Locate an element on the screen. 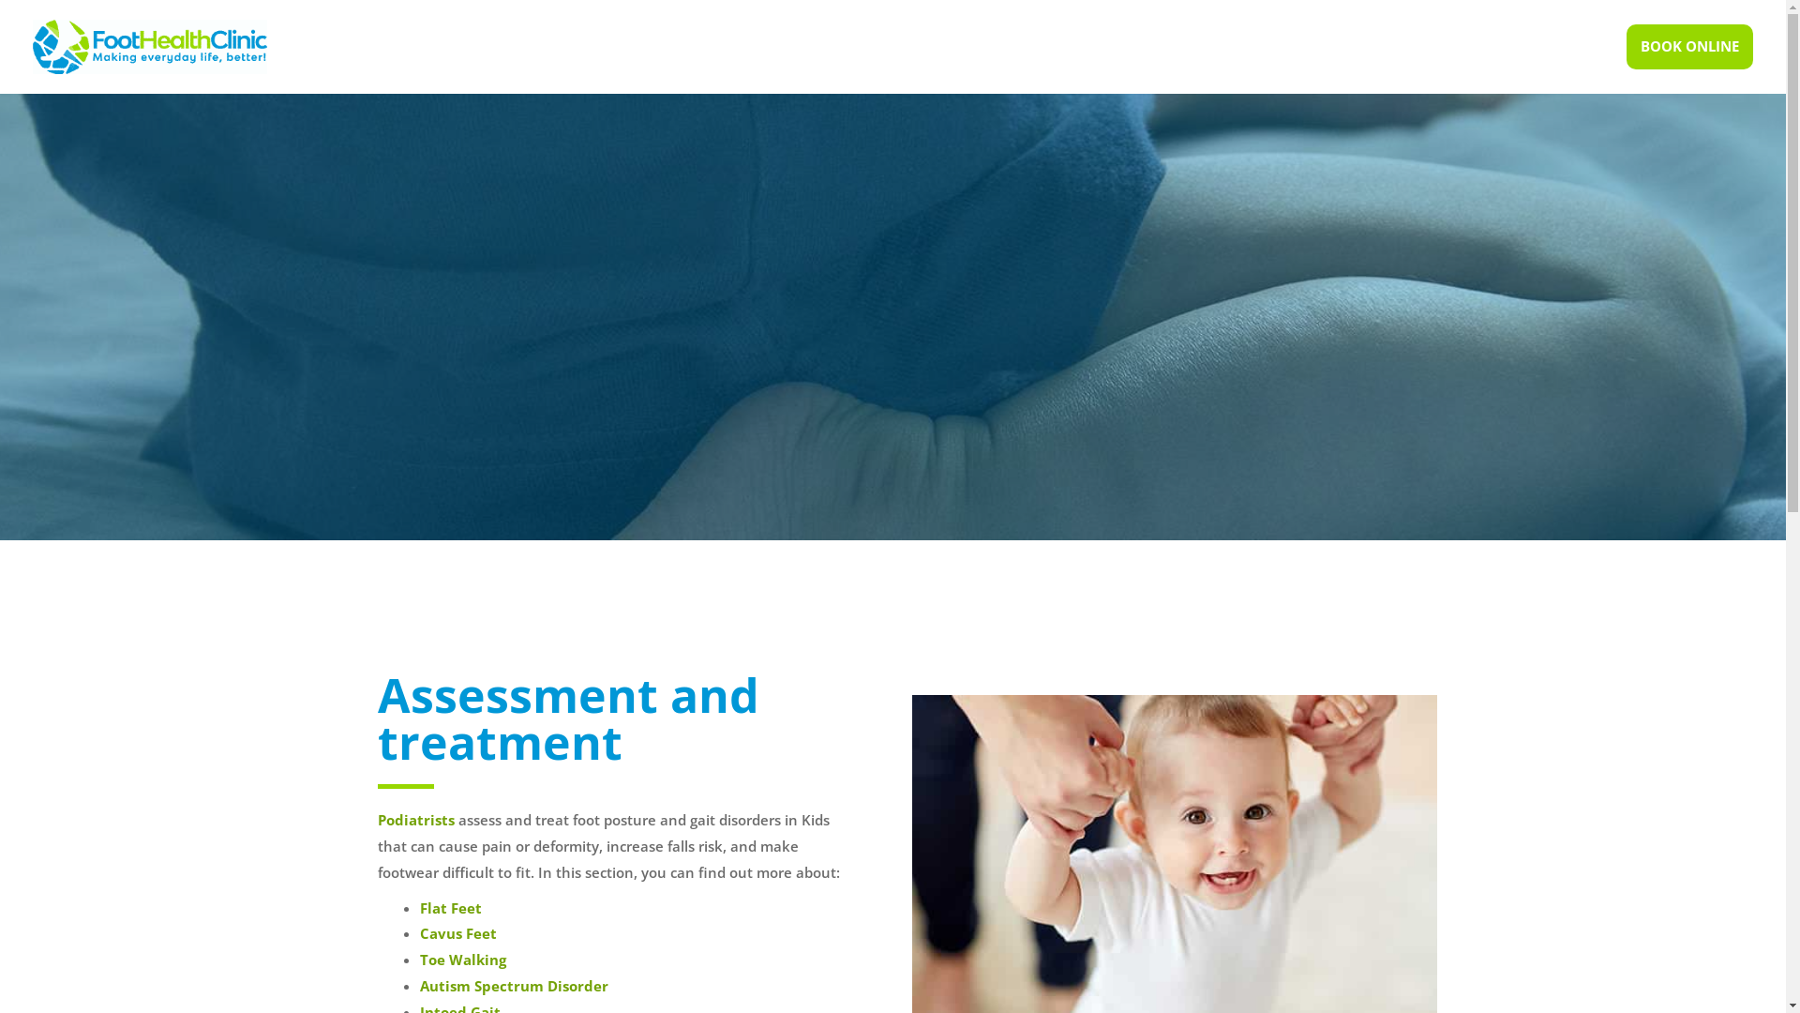  'Toe Walking' is located at coordinates (418, 959).